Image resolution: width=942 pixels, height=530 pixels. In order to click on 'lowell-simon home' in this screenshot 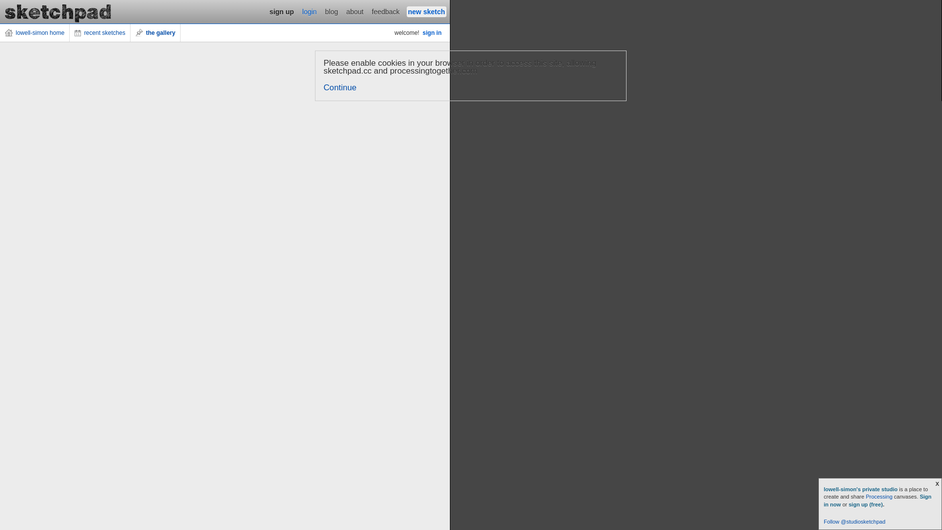, I will do `click(35, 32)`.